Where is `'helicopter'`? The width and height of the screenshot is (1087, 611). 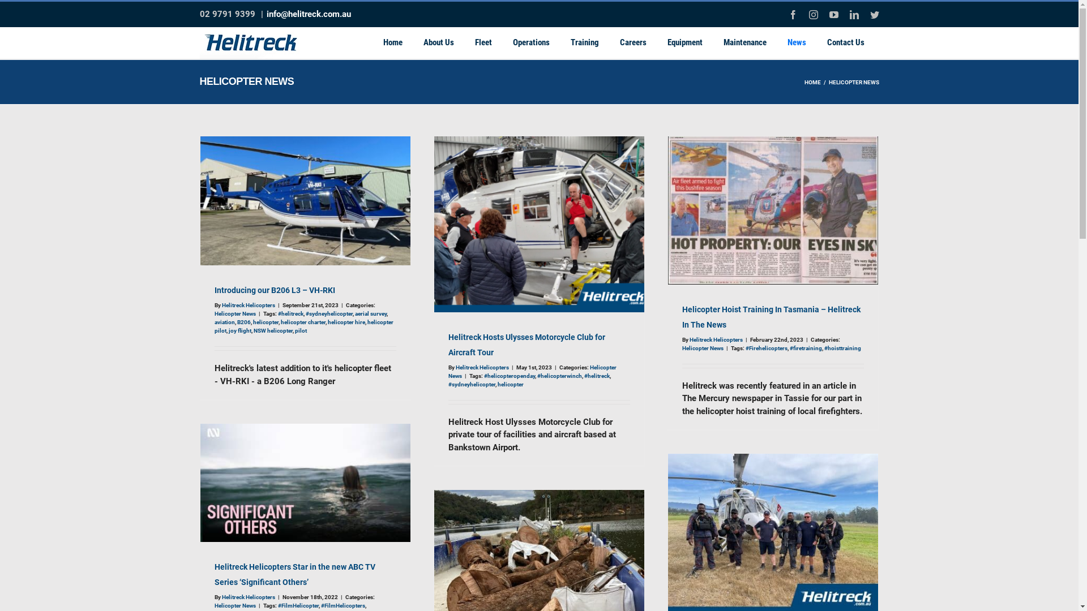
'helicopter' is located at coordinates (264, 322).